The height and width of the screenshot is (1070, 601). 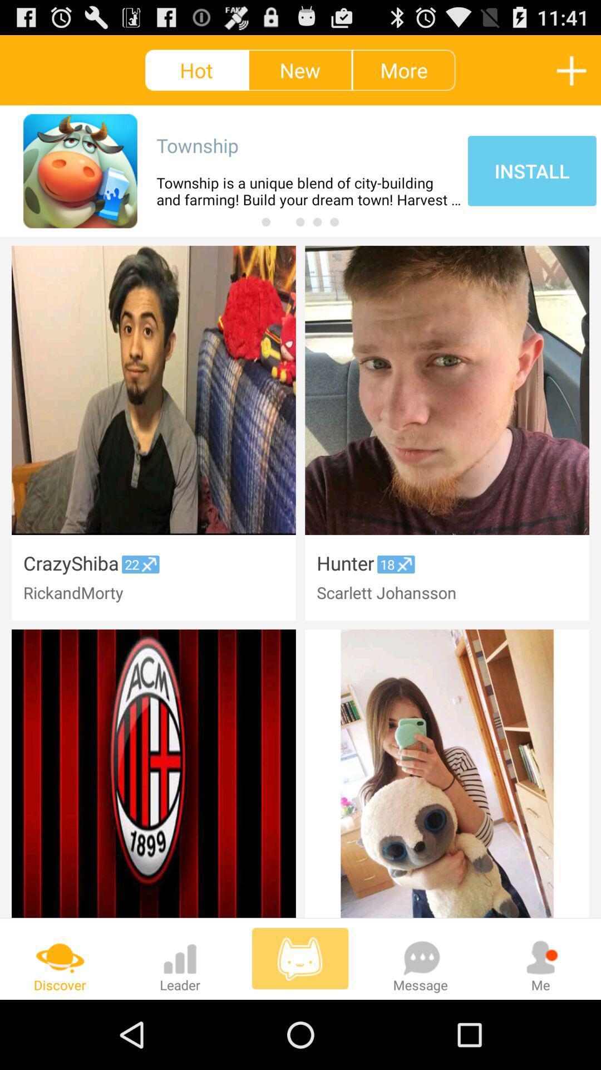 What do you see at coordinates (299, 957) in the screenshot?
I see `cat symbol` at bounding box center [299, 957].